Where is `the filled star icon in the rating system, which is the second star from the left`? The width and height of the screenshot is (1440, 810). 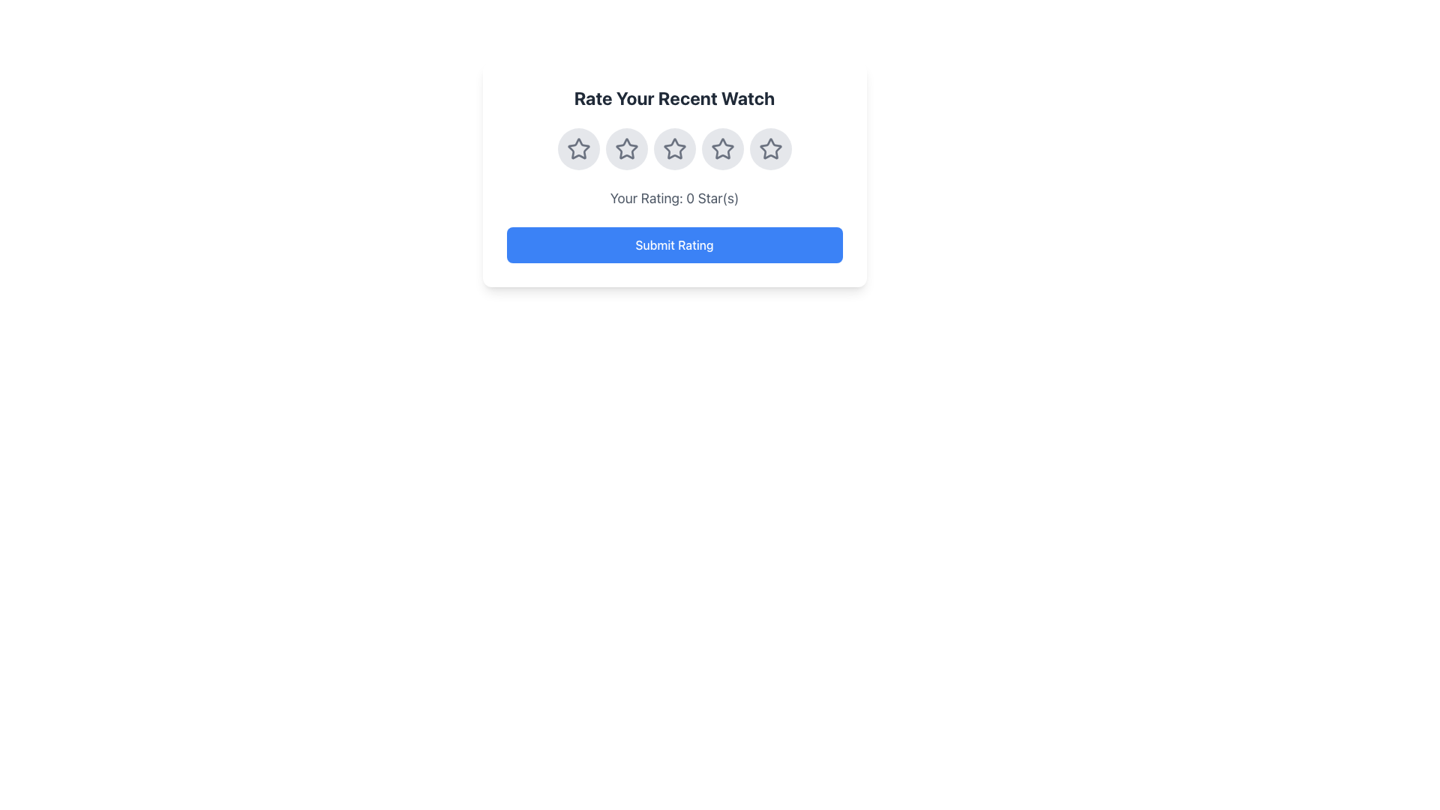
the filled star icon in the rating system, which is the second star from the left is located at coordinates (626, 148).